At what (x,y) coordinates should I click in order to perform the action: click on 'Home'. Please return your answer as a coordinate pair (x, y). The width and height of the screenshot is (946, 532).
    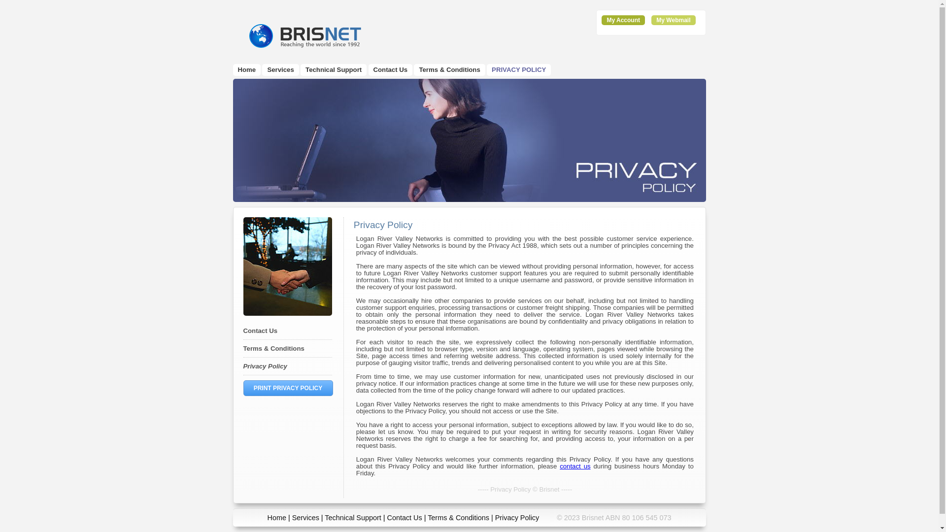
    Looking at the image, I should click on (246, 69).